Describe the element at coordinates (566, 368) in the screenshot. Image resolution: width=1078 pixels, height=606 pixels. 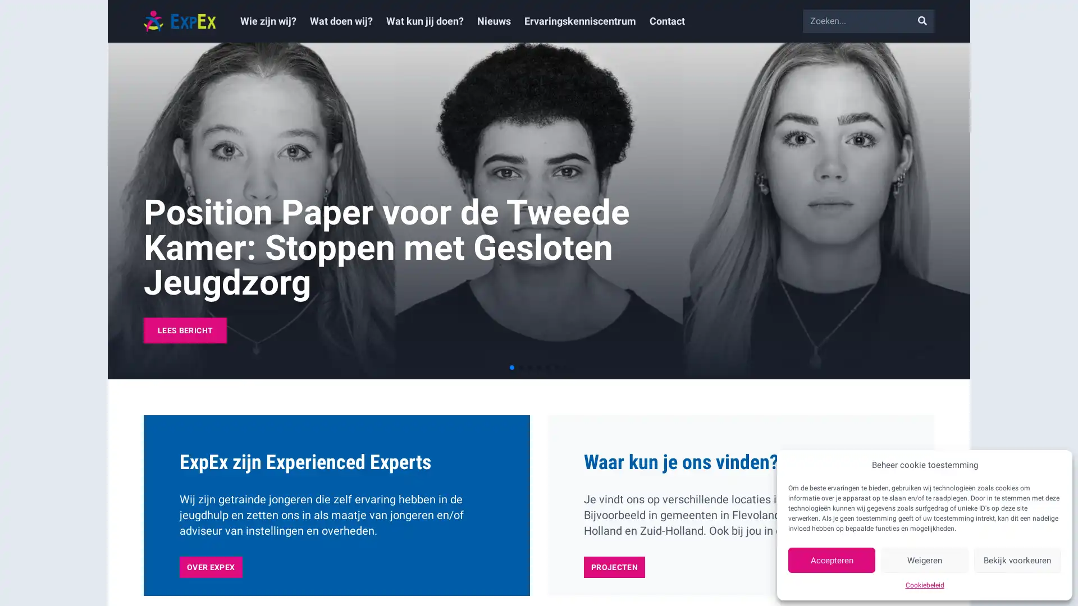
I see `Go to slide 7` at that location.